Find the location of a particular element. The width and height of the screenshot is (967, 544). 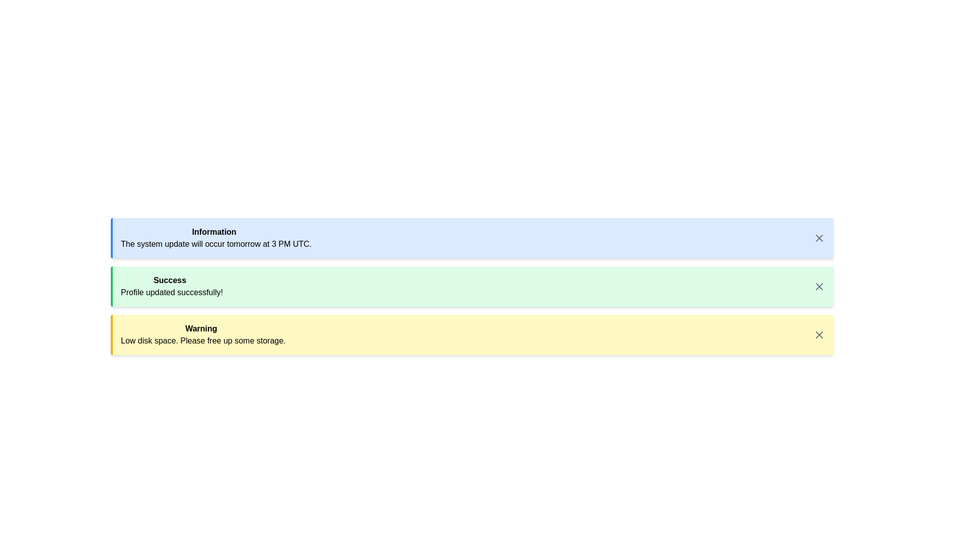

the bold and underlined text block displaying 'Success' located within the green notification card is located at coordinates (170, 280).